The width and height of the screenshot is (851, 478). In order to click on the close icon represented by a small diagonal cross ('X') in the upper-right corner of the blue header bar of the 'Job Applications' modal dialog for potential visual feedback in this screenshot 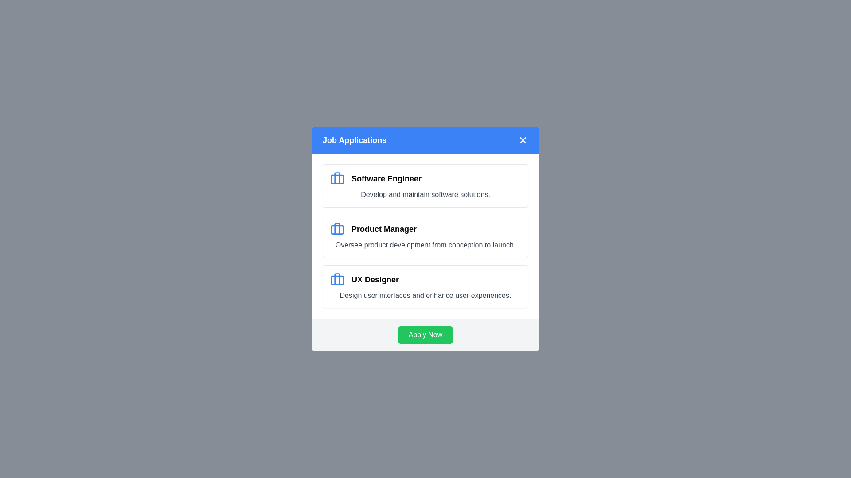, I will do `click(523, 139)`.